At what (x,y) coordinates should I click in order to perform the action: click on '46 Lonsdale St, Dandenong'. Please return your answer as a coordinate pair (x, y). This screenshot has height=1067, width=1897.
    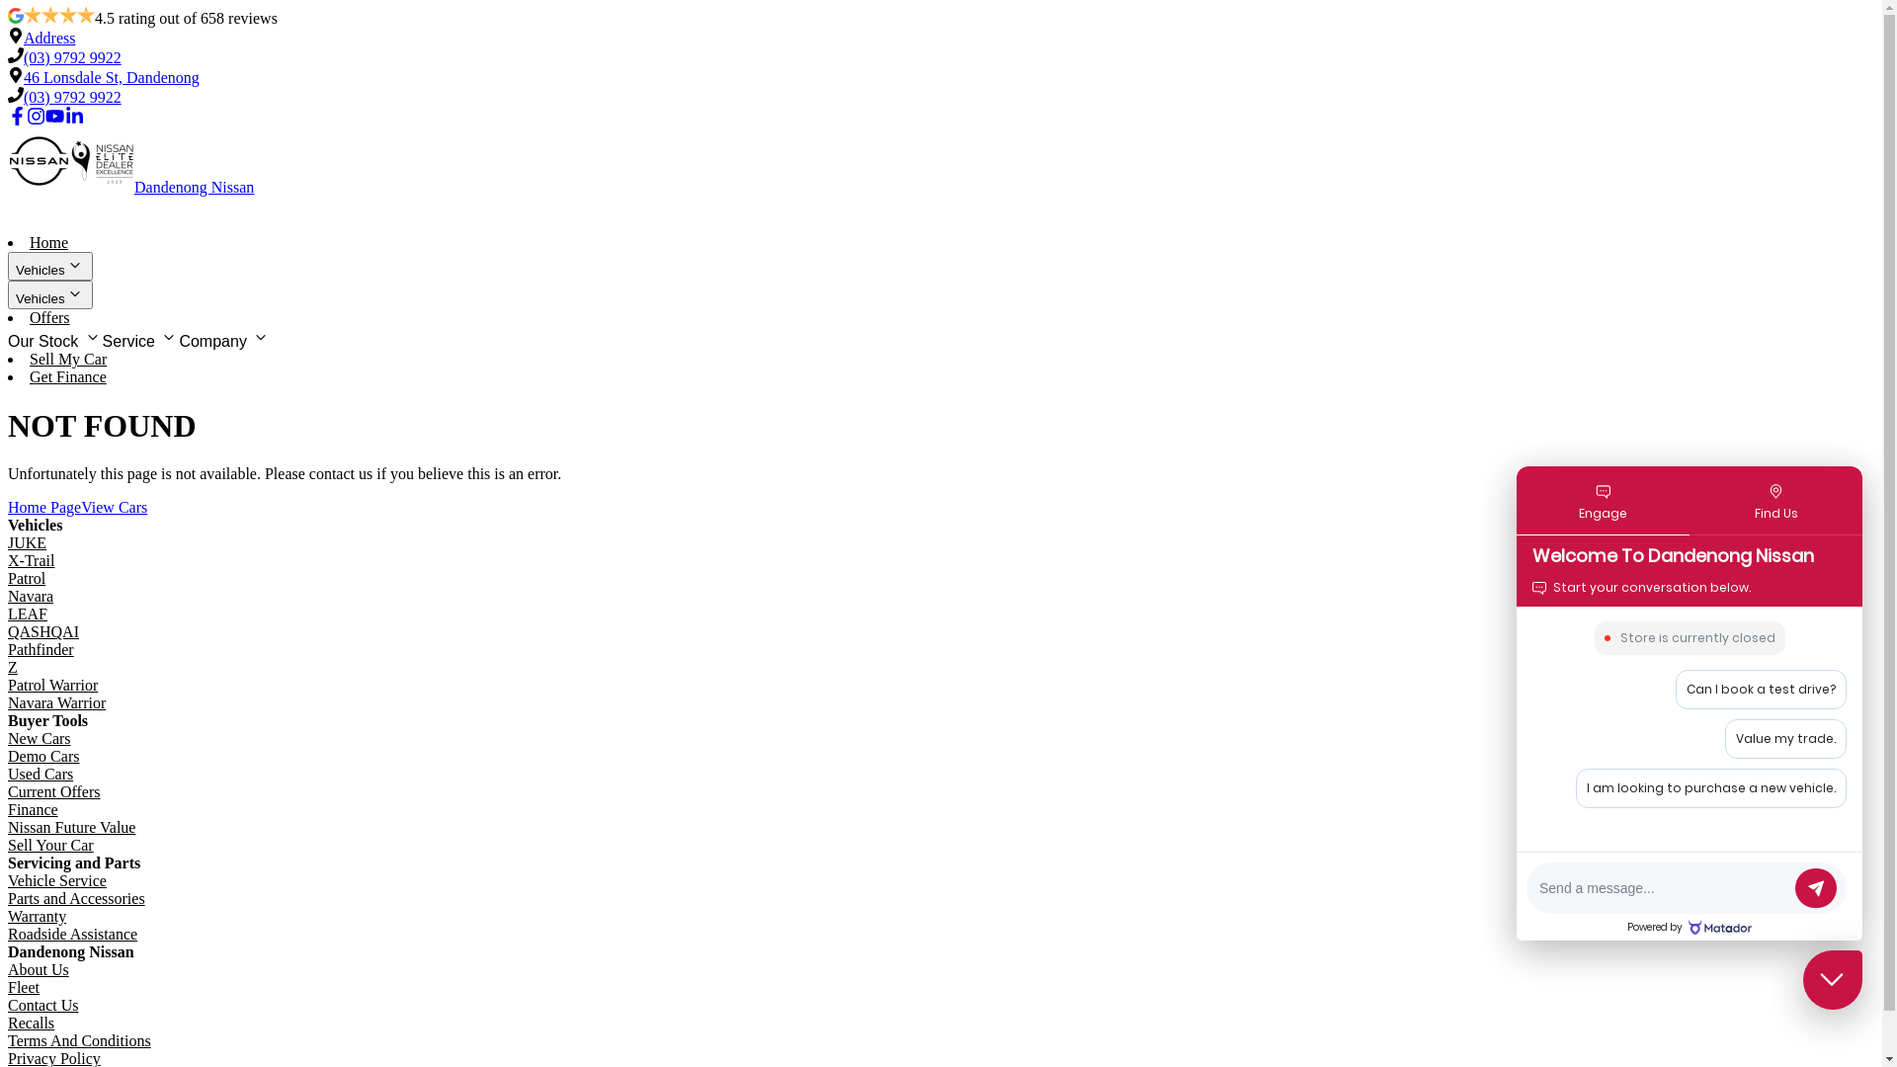
    Looking at the image, I should click on (24, 76).